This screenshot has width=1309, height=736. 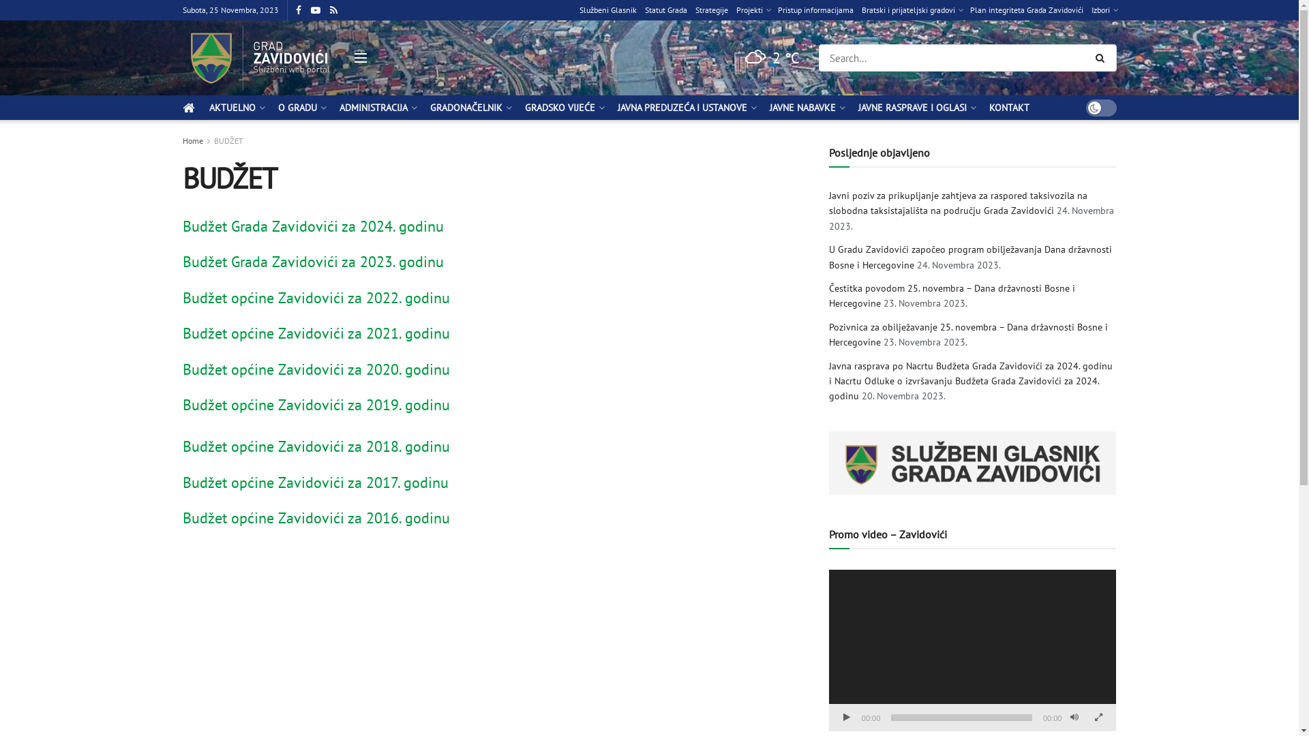 I want to click on 'Izbori', so click(x=1103, y=10).